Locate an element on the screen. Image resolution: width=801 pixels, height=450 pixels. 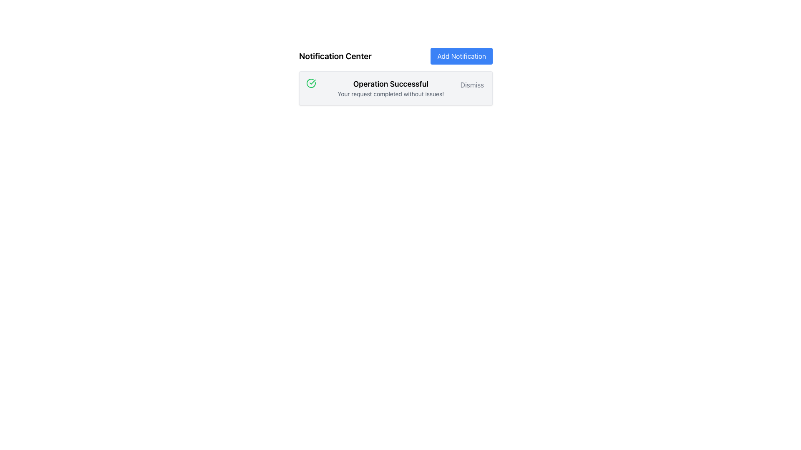
message displayed in smaller and lighter gray font stating 'Your request completed without issues!' which is located beneath the header 'Operation Successful' in the notification card is located at coordinates (390, 94).